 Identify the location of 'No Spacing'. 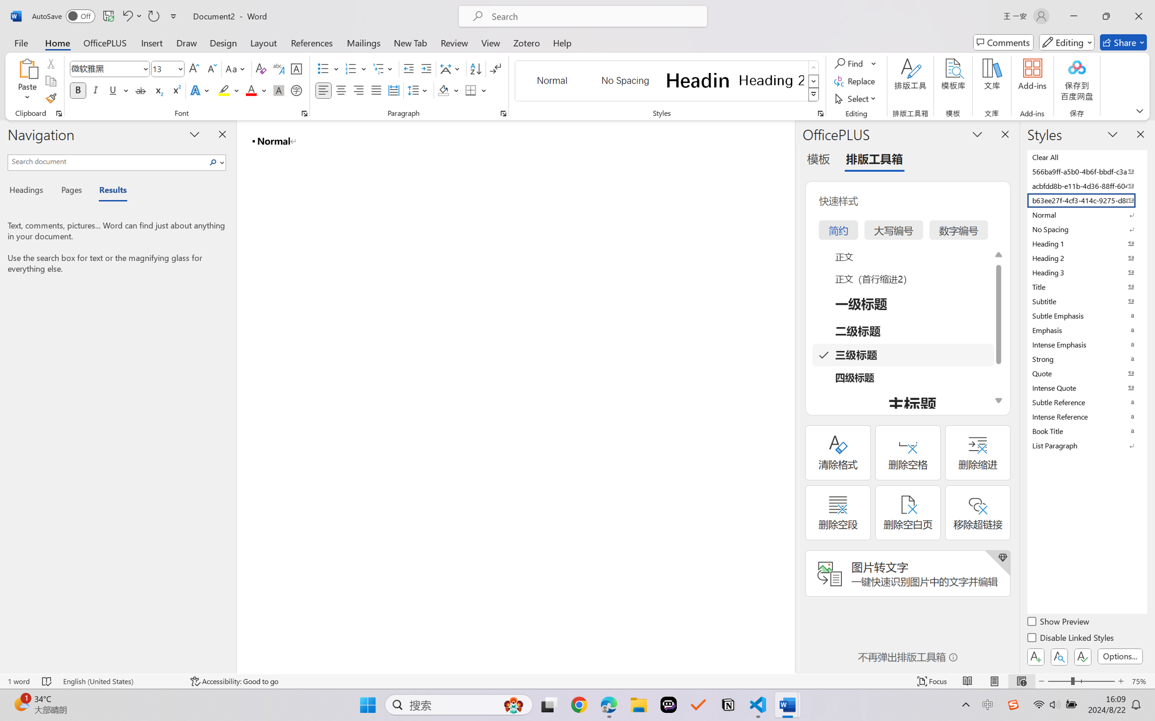
(1086, 228).